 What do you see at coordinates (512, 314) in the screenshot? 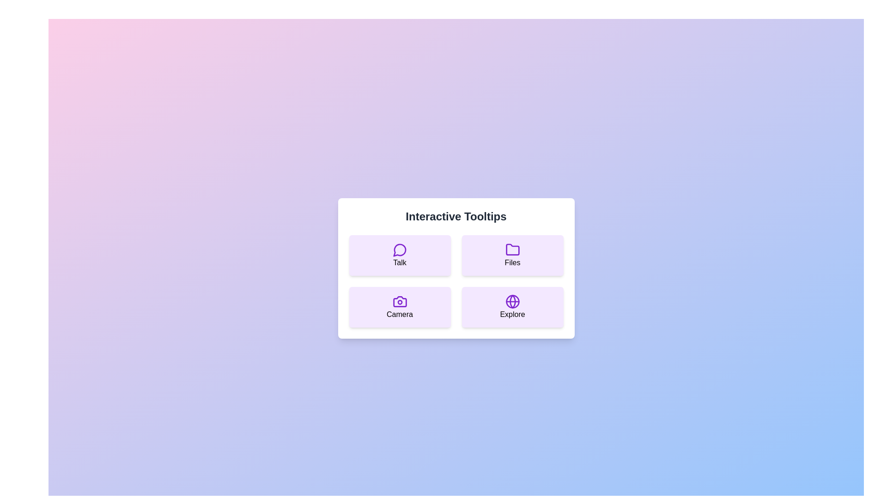
I see `the text label displaying 'Explore' located at the bottom-center of a purple-themed button beneath a globe icon in the bottom-right area of the grid labeled 'Interactive Tooltips'` at bounding box center [512, 314].